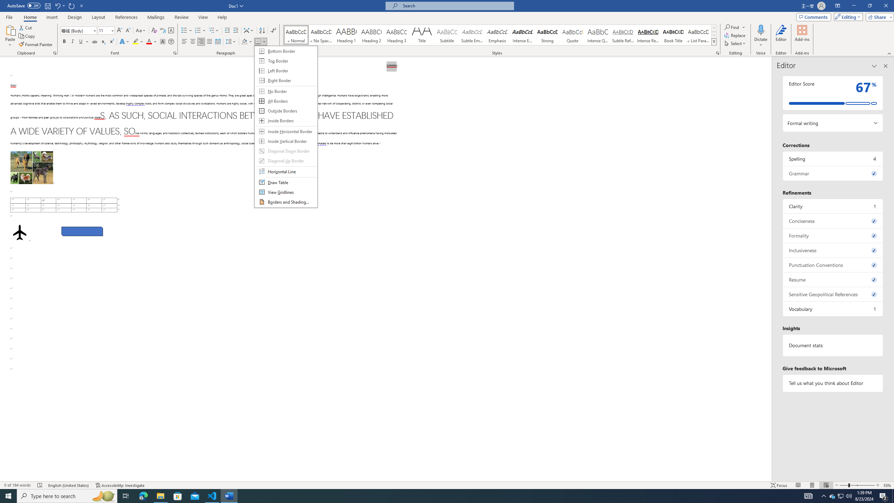  I want to click on 'Intense Emphasis', so click(522, 35).